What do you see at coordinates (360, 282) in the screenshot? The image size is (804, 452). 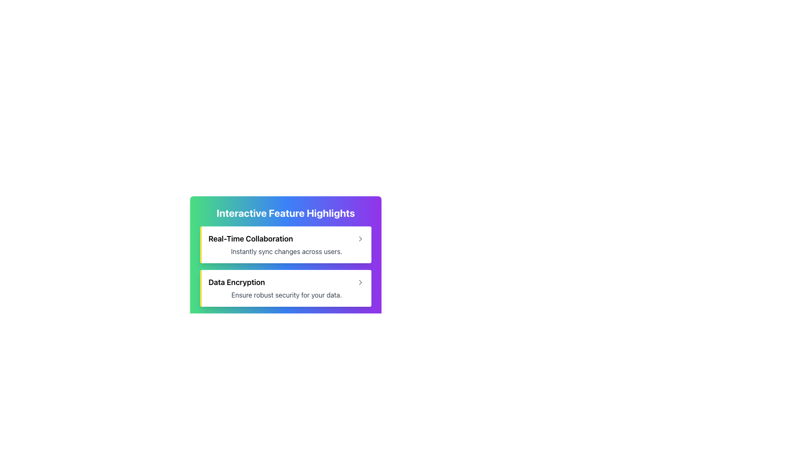 I see `the icon on the far right of the 'Data Encryption' row` at bounding box center [360, 282].